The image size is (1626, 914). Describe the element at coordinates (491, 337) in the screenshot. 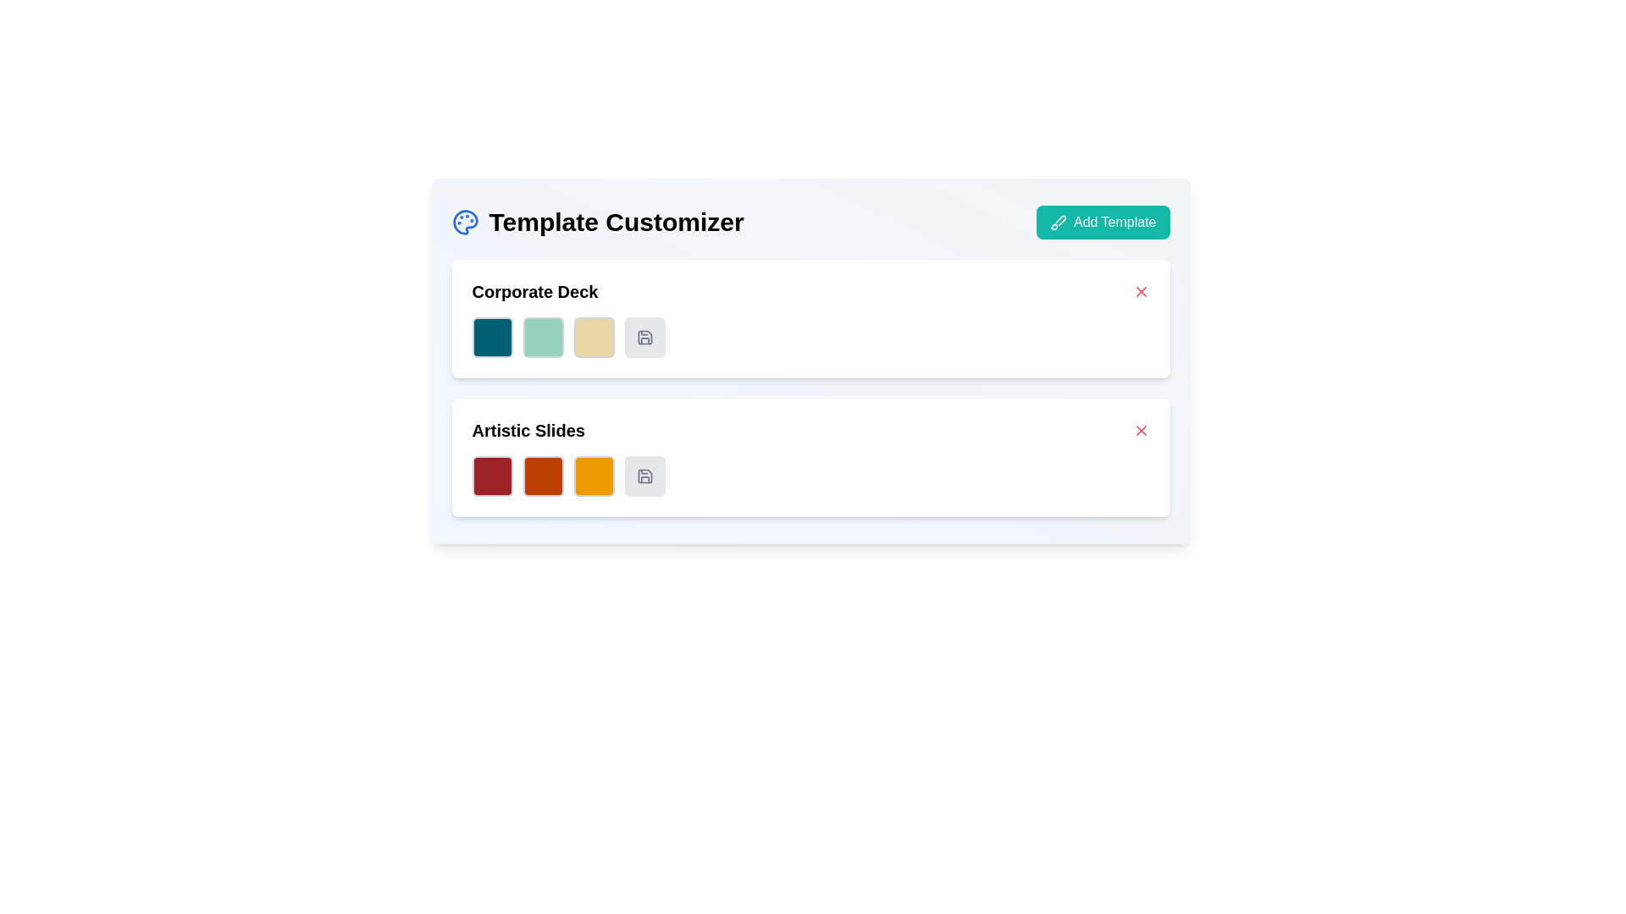

I see `the dark teal-colored color swatch preview box with rounded corners located in the 'Corporate Deck' section, which is the first square in a horizontal row` at that location.